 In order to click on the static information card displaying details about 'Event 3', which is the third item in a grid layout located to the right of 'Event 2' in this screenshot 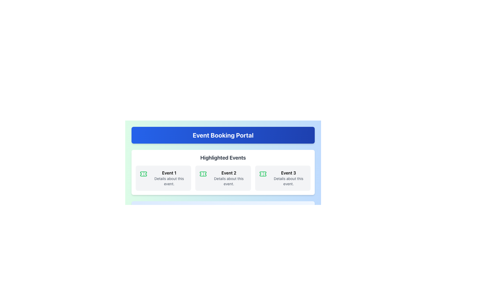, I will do `click(282, 178)`.